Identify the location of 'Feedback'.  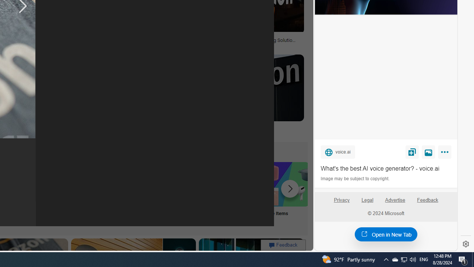
(428, 203).